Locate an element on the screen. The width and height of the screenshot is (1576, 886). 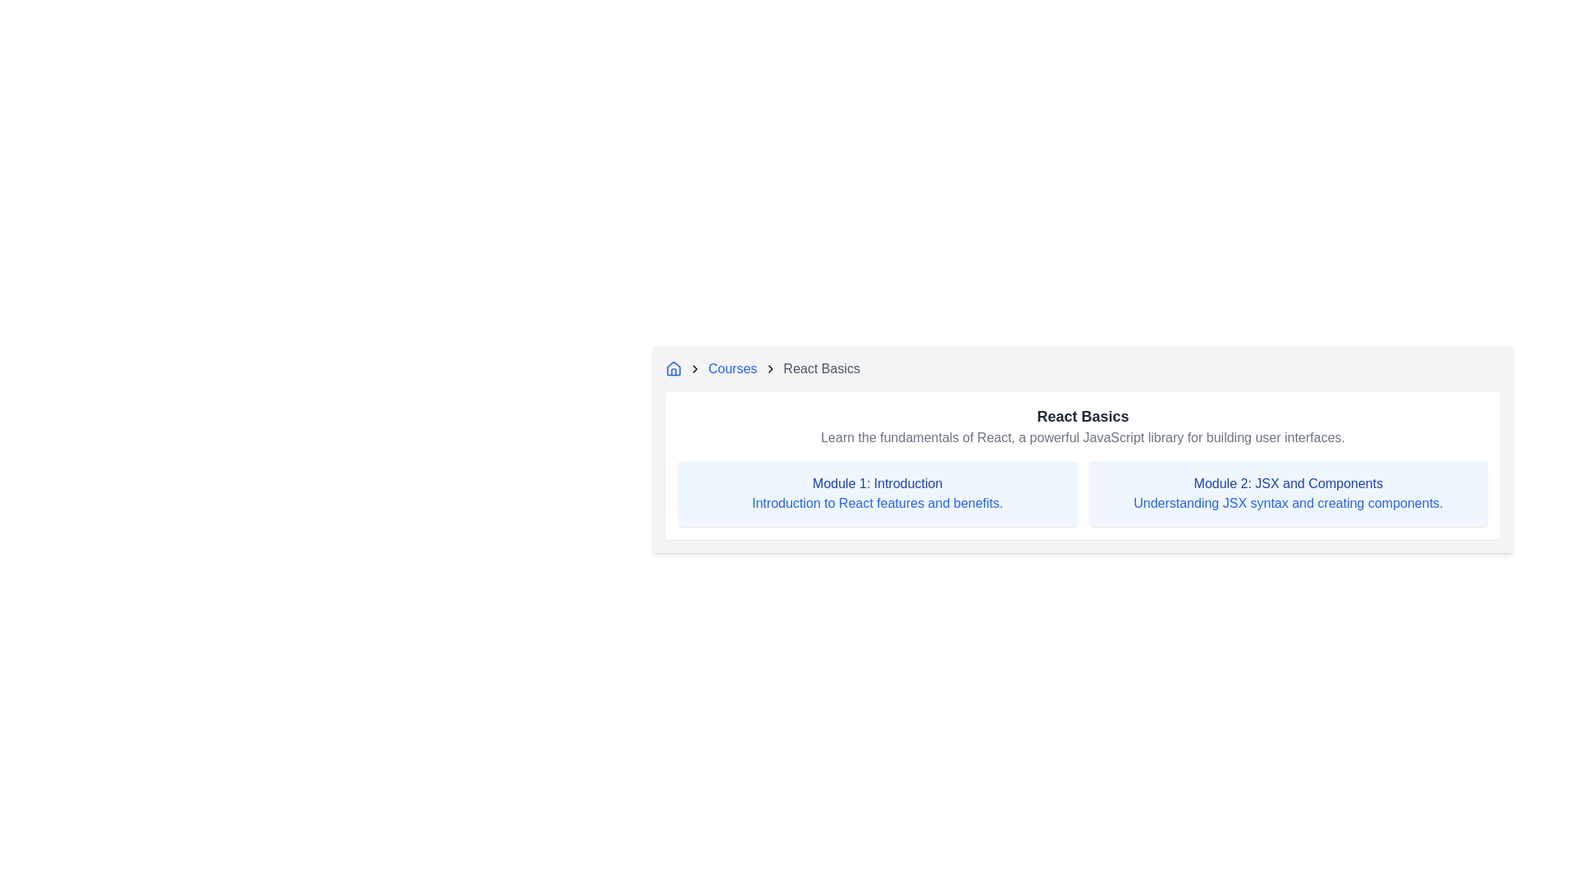
the text label reading 'Module 2: JSX and Components' which is styled in medium blue and bold, located within a blue shaded rectangular card is located at coordinates (1287, 483).